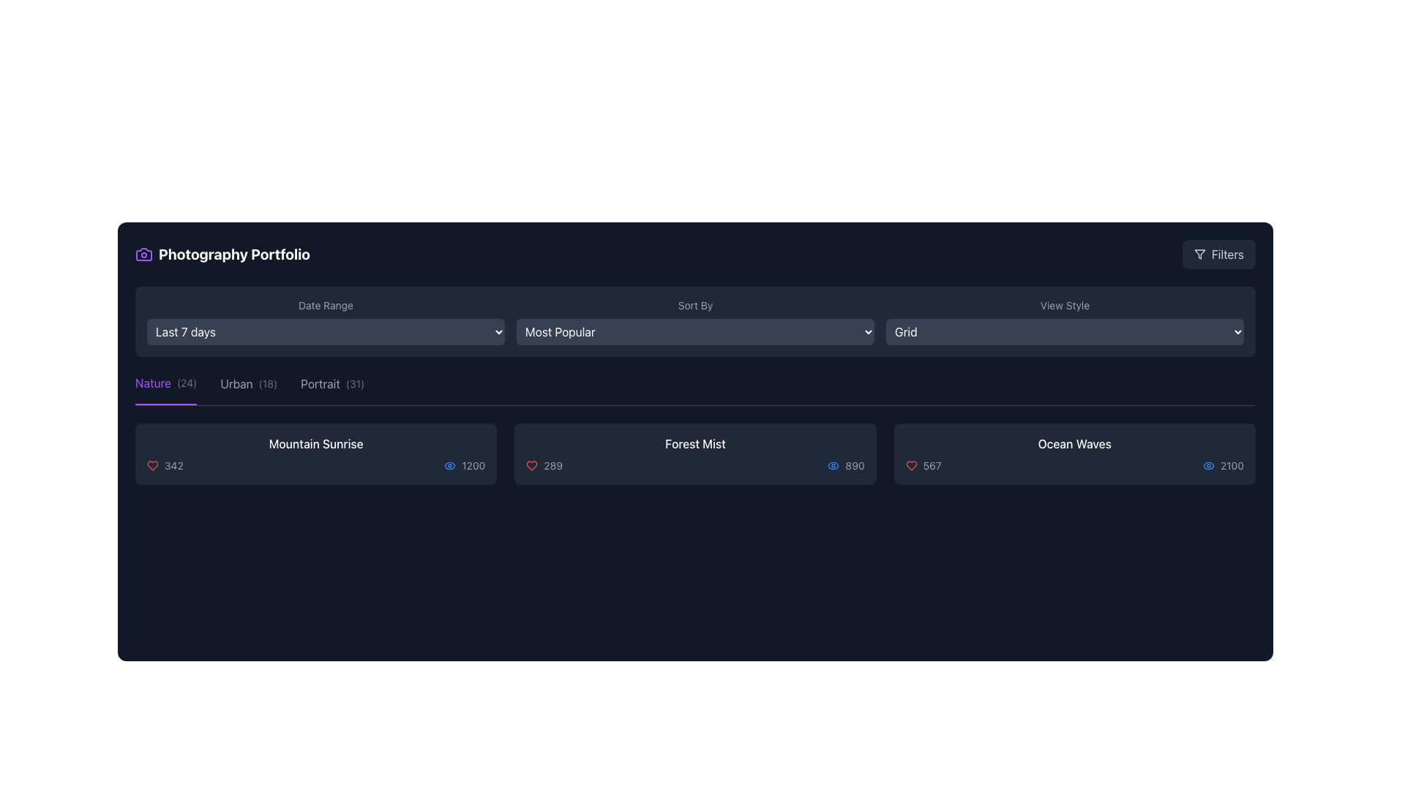  Describe the element at coordinates (268, 383) in the screenshot. I see `the small text label displaying '(18)' styled with a gray font color, located immediately to the right of the 'Urban' label in the category tabs row` at that location.